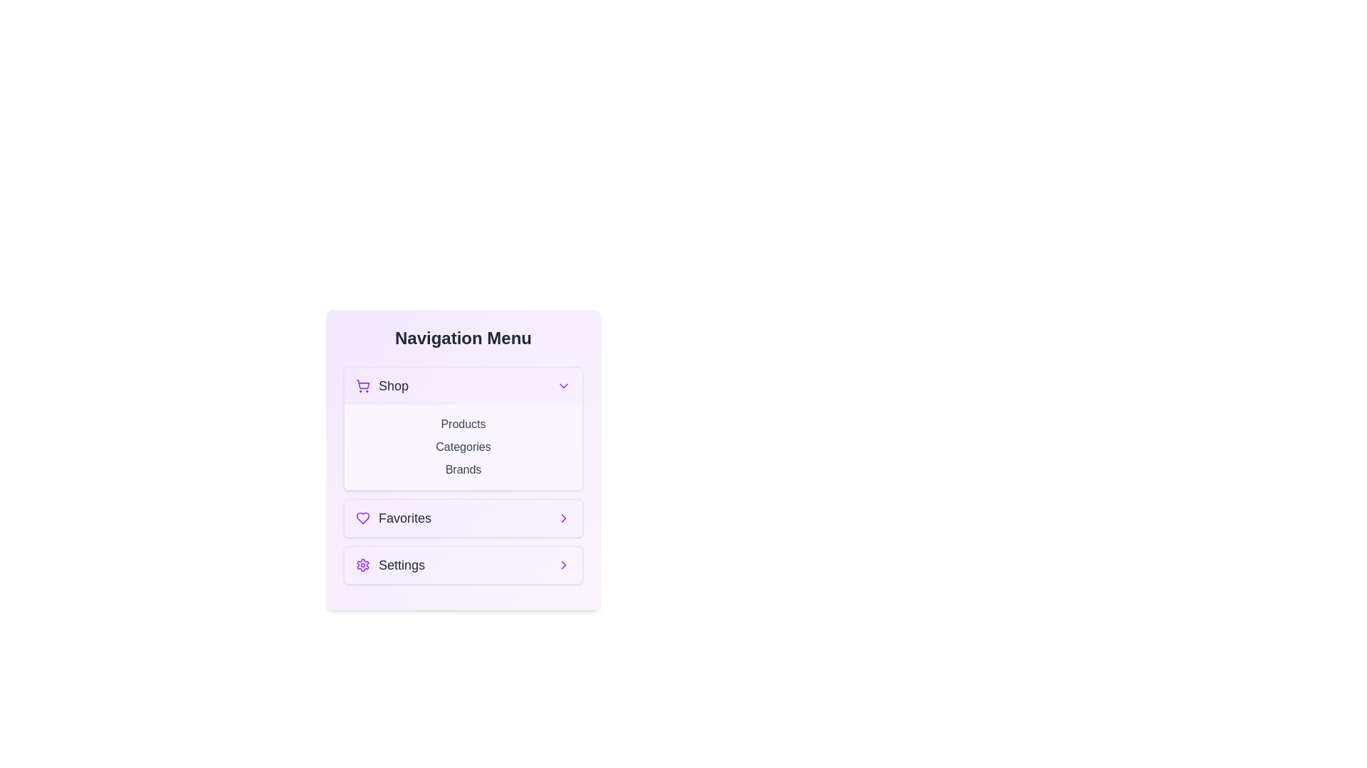 The height and width of the screenshot is (768, 1367). Describe the element at coordinates (390, 564) in the screenshot. I see `the Navigation Item located in the third row of the menu, which follows 'Shop' and 'Favorites'` at that location.